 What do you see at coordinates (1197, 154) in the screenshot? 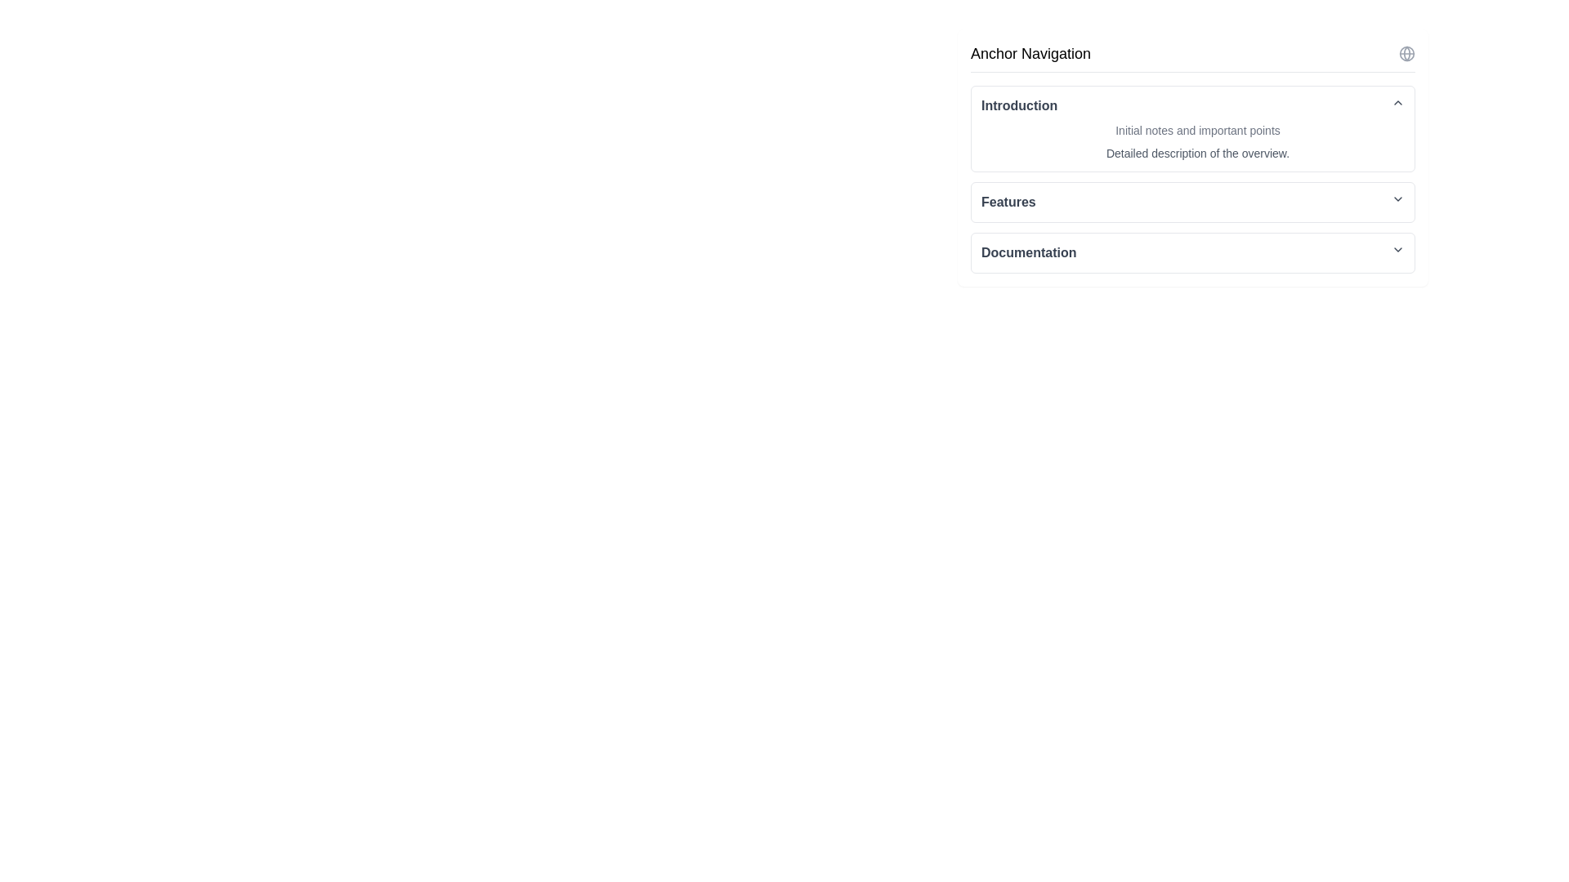
I see `the static text that provides additional, detailed information related to the section titled 'Introduction' which is positioned towards the right side of the interface` at bounding box center [1197, 154].